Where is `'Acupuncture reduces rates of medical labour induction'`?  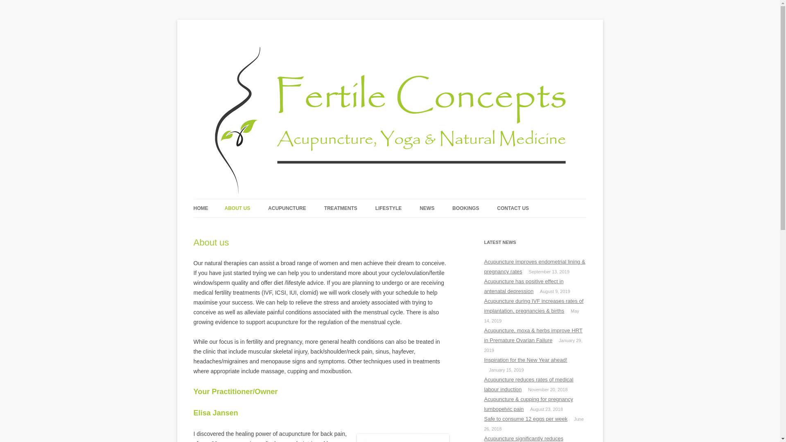
'Acupuncture reduces rates of medical labour induction' is located at coordinates (529, 384).